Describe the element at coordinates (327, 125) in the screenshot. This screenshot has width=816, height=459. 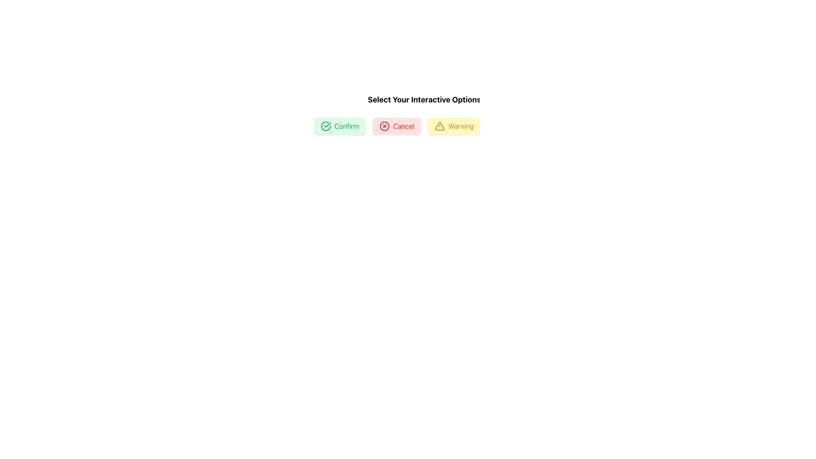
I see `the checkmark icon located immediately to the left of the 'Confirm' label in the top area of the button group` at that location.